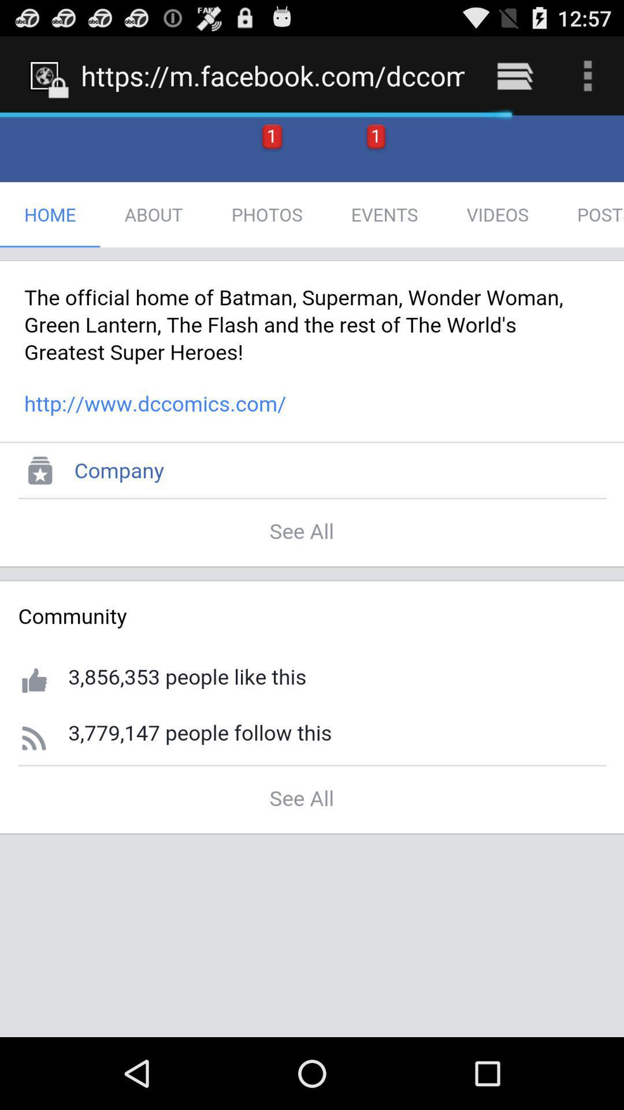  I want to click on the icon to the right of https m facebook icon, so click(514, 75).